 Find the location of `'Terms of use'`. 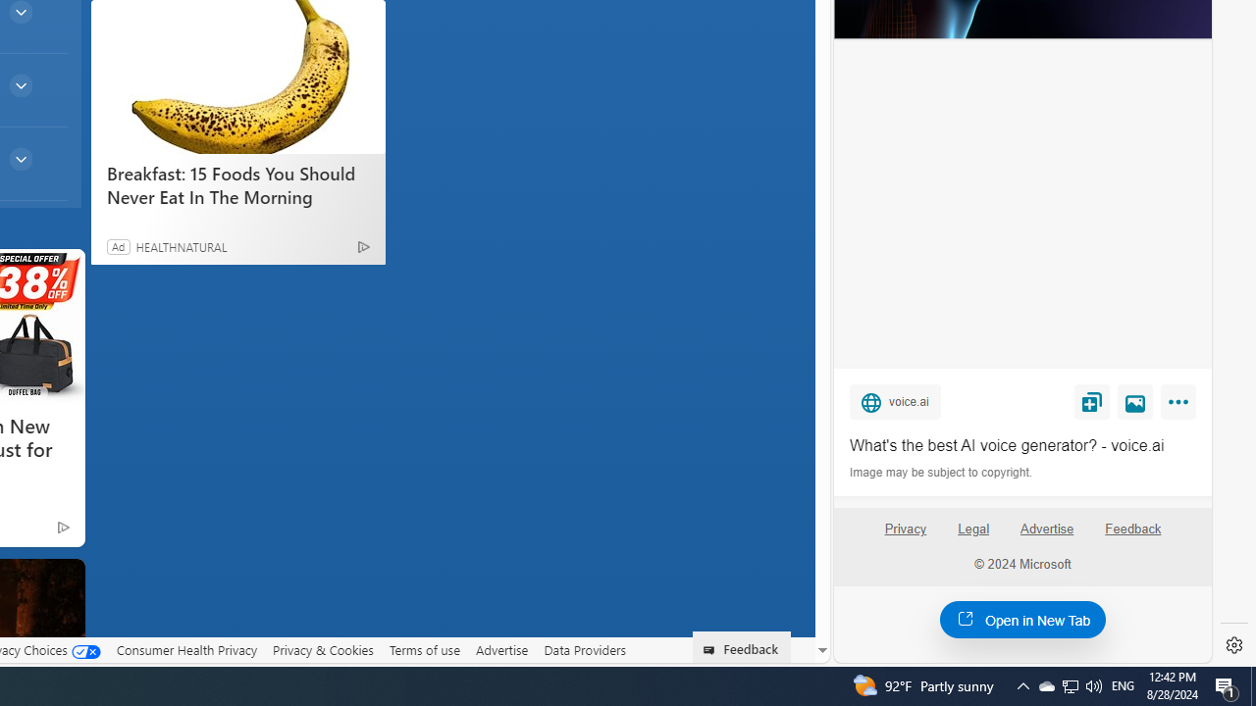

'Terms of use' is located at coordinates (423, 649).